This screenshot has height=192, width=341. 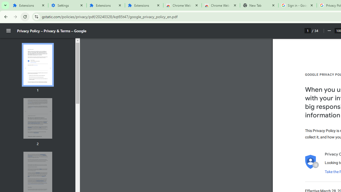 What do you see at coordinates (144, 5) in the screenshot?
I see `'Extensions'` at bounding box center [144, 5].